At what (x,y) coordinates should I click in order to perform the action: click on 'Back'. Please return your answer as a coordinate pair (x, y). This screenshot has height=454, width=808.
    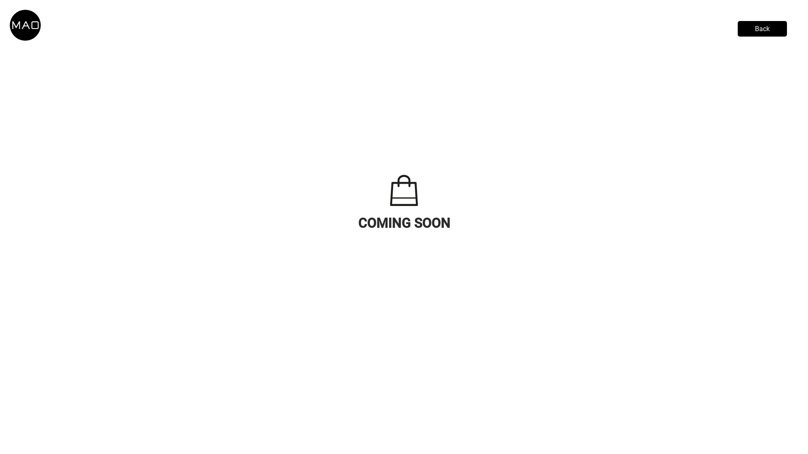
    Looking at the image, I should click on (762, 28).